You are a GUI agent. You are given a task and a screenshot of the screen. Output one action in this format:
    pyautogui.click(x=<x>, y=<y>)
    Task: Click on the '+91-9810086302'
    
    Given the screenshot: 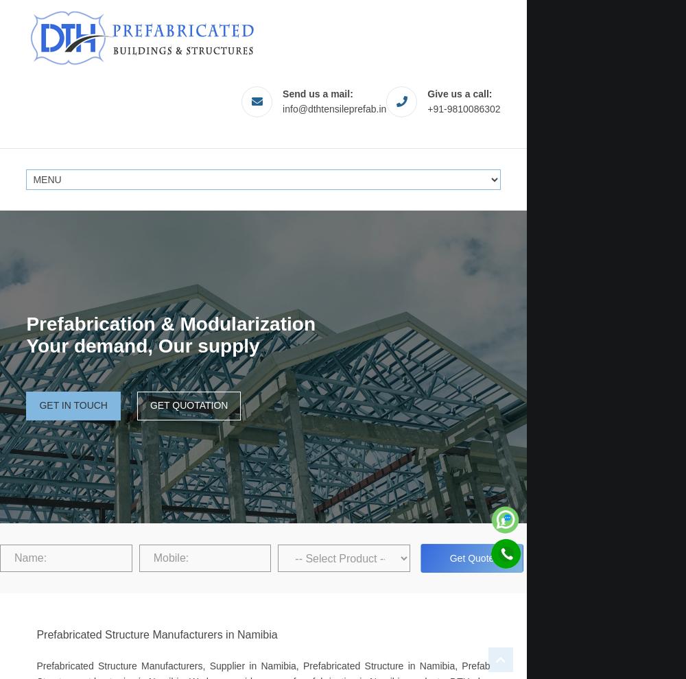 What is the action you would take?
    pyautogui.click(x=464, y=108)
    